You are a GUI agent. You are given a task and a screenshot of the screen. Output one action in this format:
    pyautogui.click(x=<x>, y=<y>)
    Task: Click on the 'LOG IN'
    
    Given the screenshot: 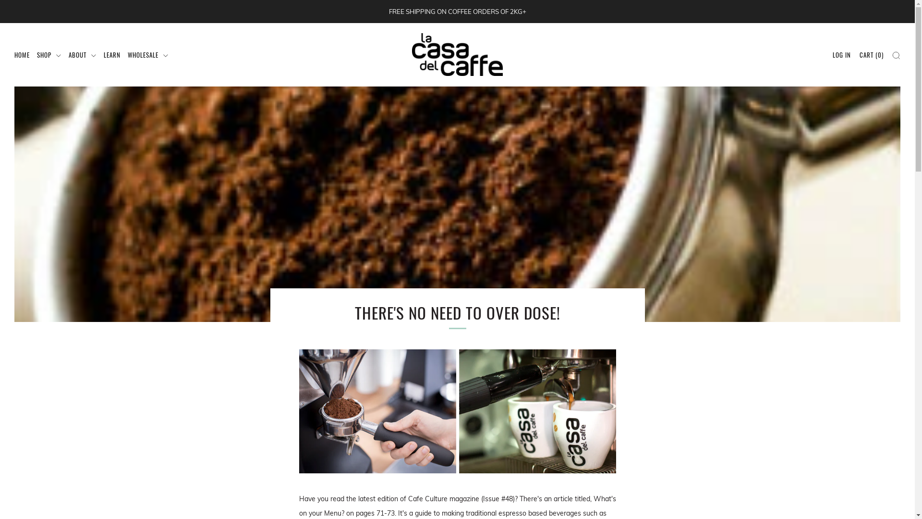 What is the action you would take?
    pyautogui.click(x=841, y=55)
    